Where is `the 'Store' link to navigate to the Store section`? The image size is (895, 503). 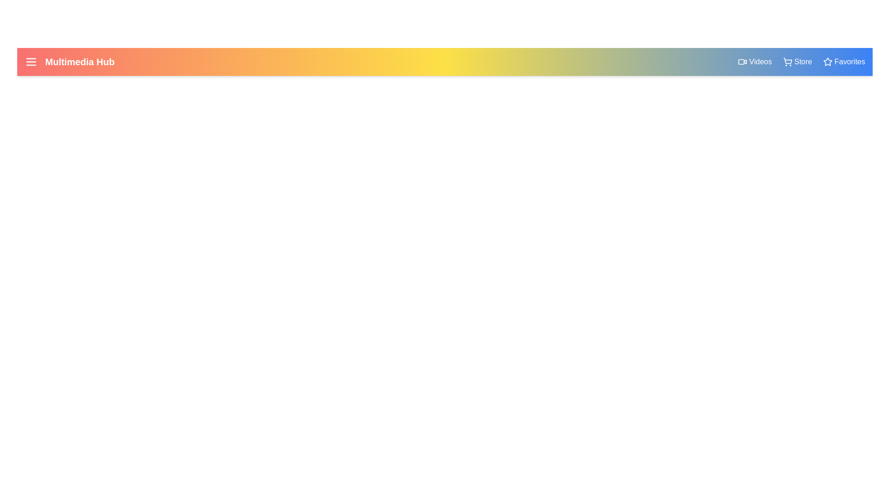
the 'Store' link to navigate to the Store section is located at coordinates (797, 61).